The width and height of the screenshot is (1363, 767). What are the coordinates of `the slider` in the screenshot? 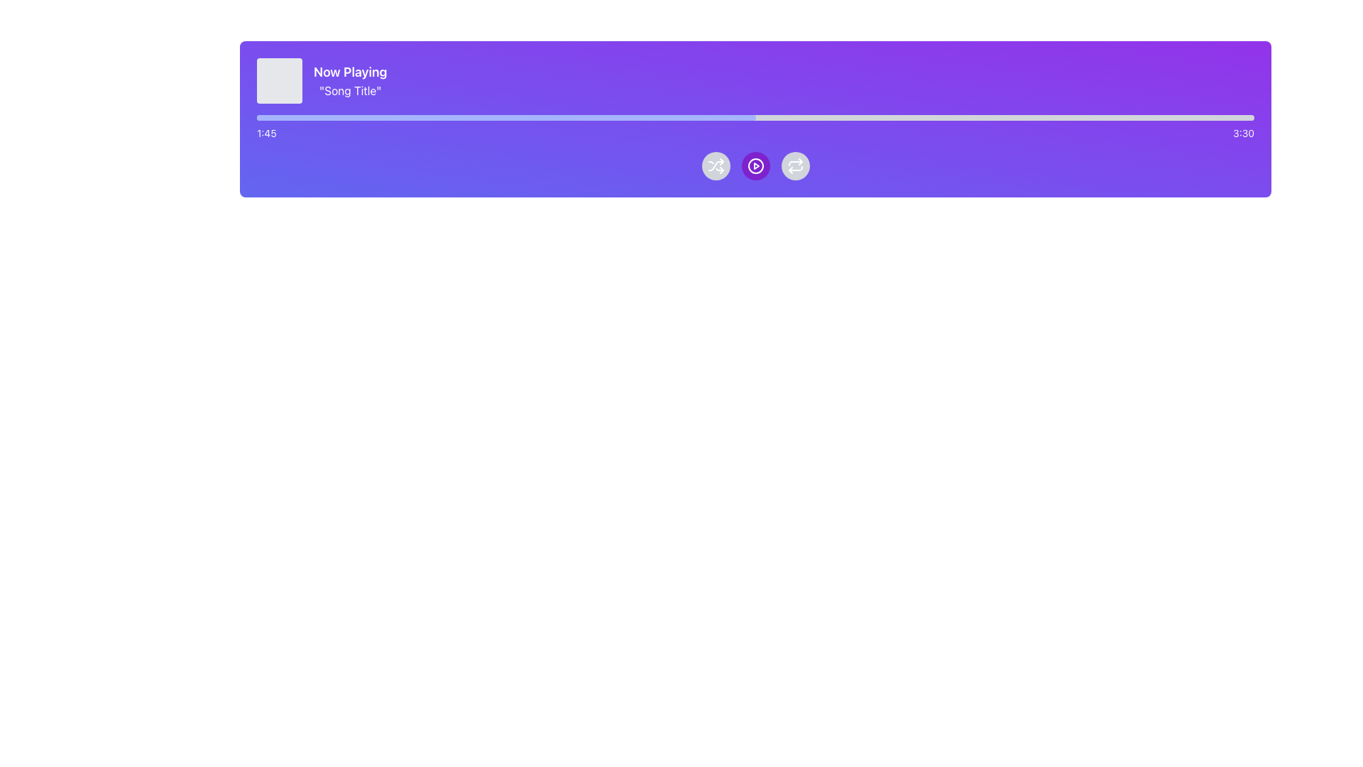 It's located at (950, 116).